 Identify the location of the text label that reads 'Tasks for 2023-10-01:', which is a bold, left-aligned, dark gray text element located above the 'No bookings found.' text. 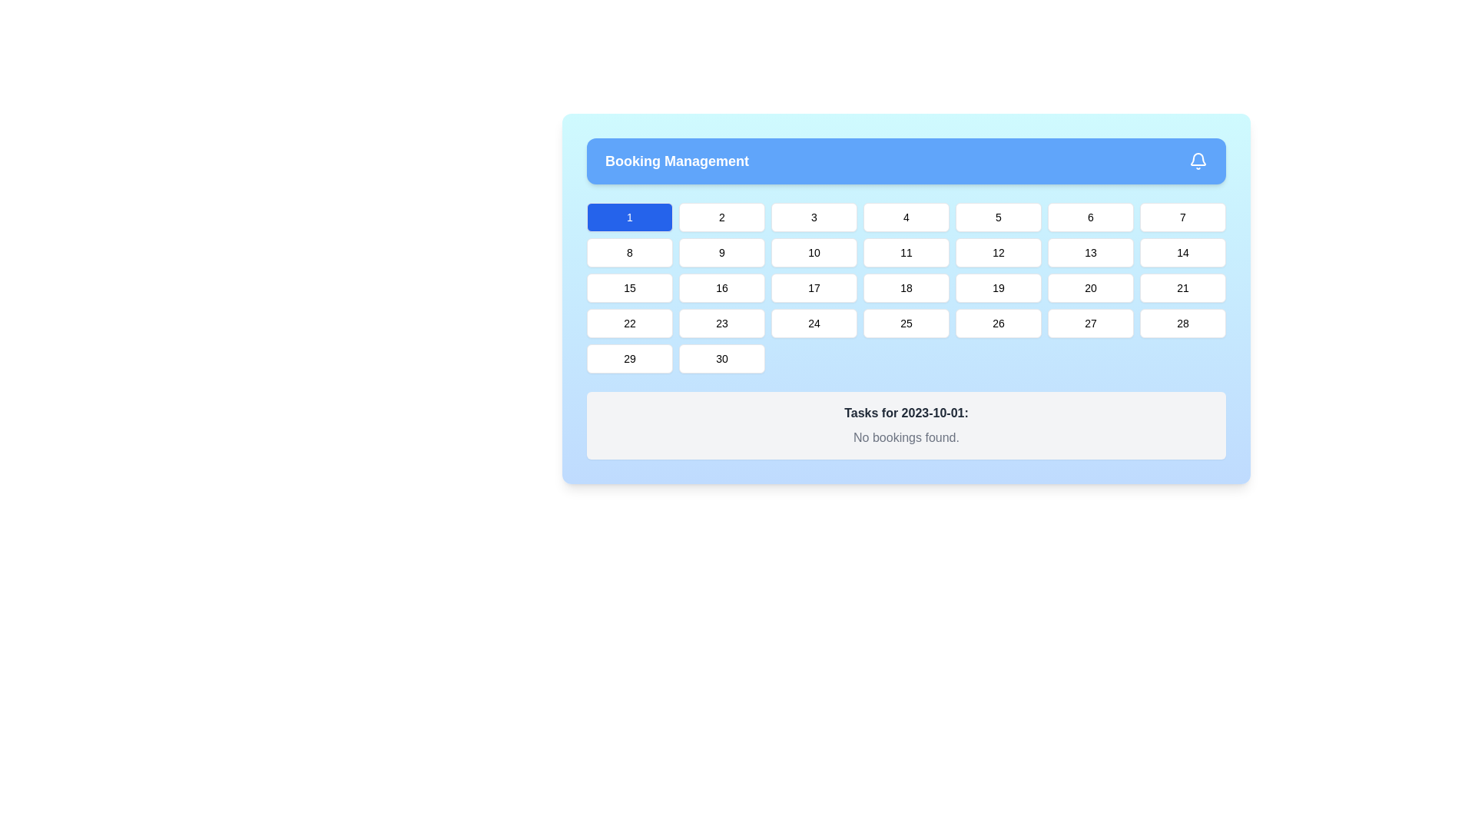
(907, 412).